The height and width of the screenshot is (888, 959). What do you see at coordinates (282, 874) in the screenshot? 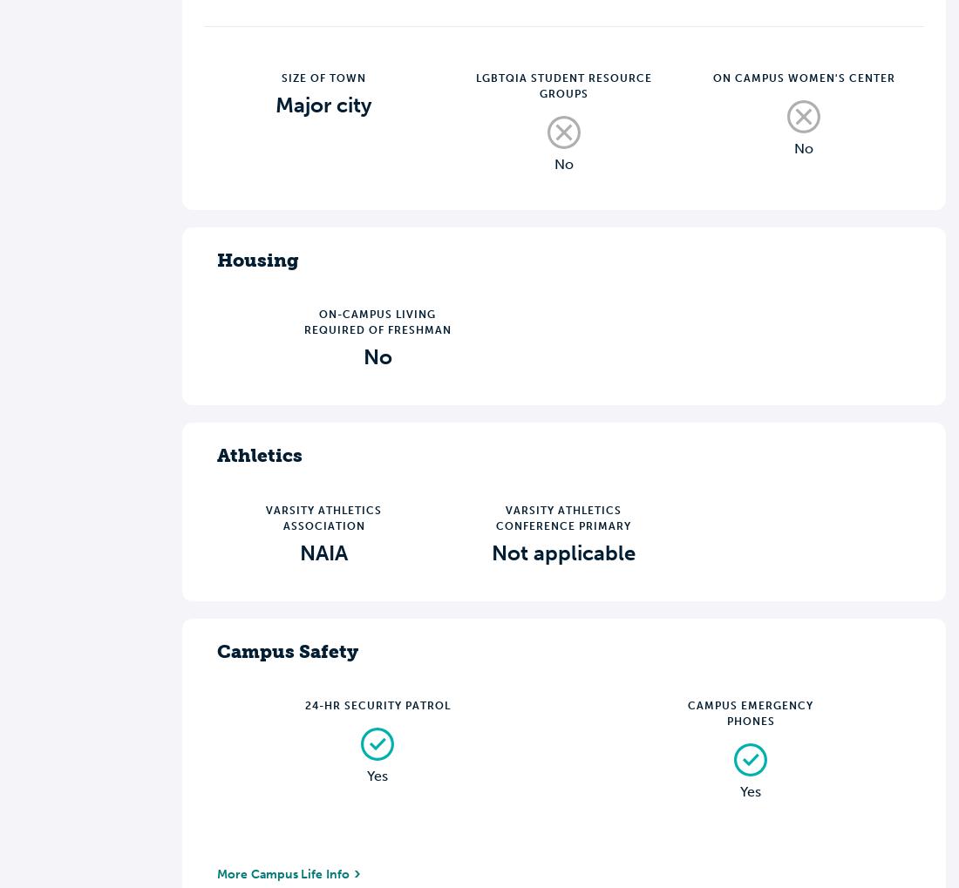
I see `'More Campus Life Info'` at bounding box center [282, 874].